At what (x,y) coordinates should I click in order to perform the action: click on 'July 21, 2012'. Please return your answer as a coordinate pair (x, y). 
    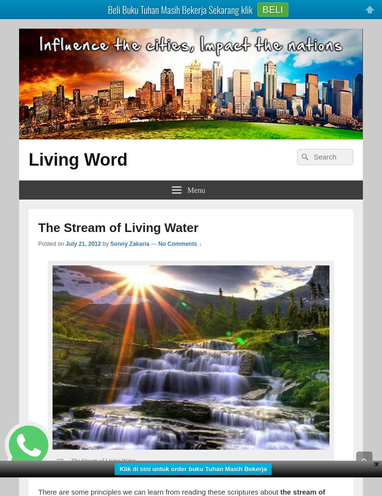
    Looking at the image, I should click on (83, 243).